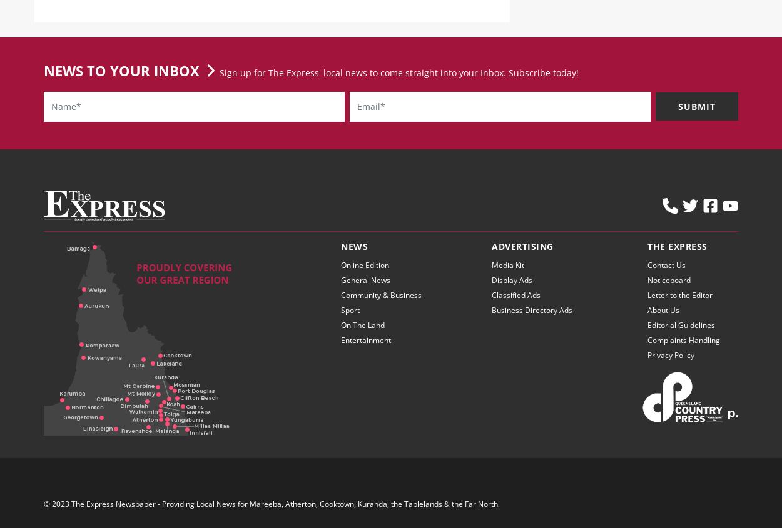  I want to click on 'General News', so click(365, 290).